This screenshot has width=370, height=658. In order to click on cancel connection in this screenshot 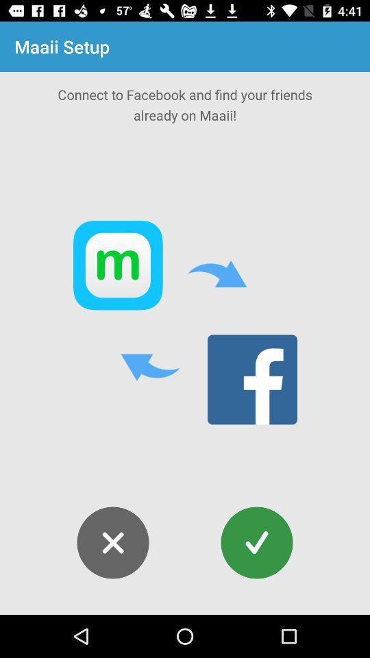, I will do `click(112, 543)`.